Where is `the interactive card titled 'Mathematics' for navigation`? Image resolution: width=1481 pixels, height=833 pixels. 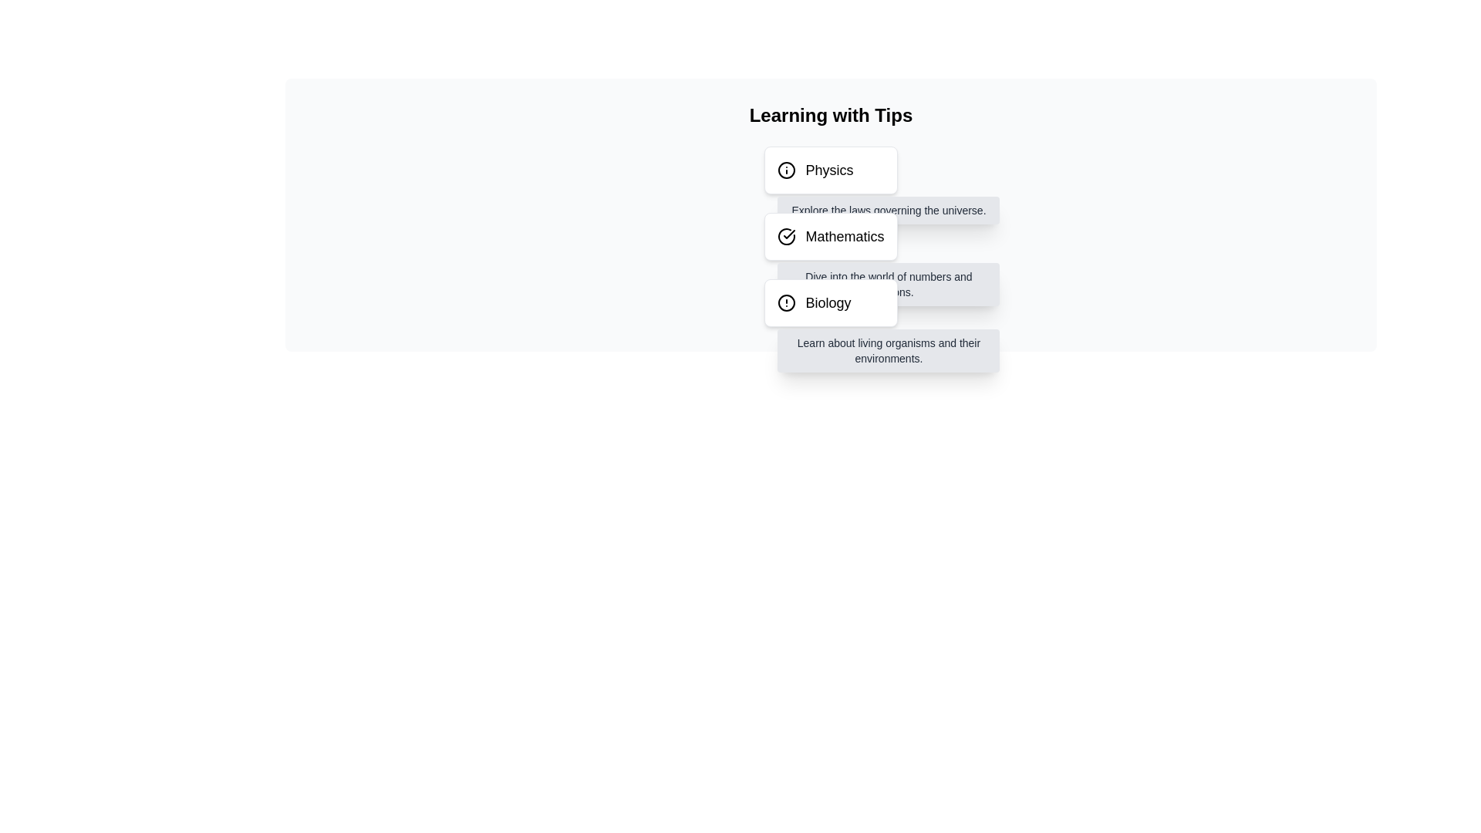 the interactive card titled 'Mathematics' for navigation is located at coordinates (830, 237).